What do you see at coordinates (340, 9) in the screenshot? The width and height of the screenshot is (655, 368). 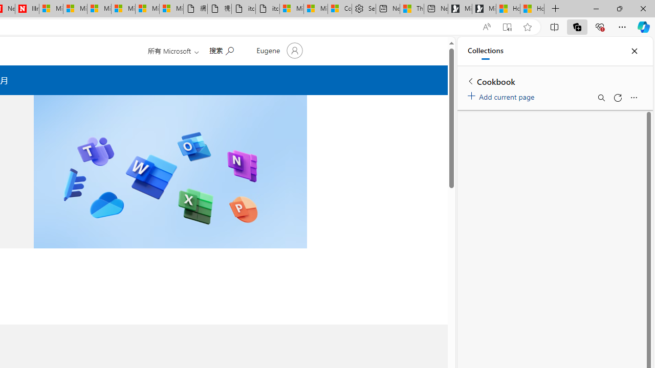 I see `'Consumer Health Data Privacy Policy'` at bounding box center [340, 9].